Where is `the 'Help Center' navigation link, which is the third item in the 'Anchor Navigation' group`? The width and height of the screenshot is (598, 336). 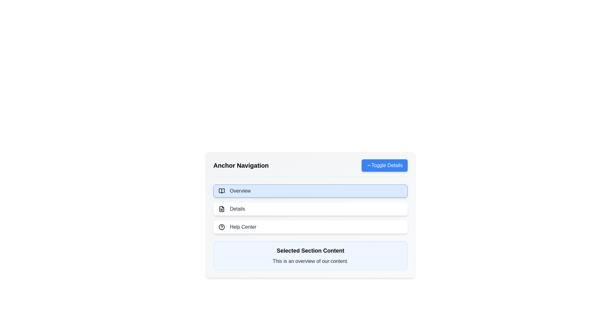 the 'Help Center' navigation link, which is the third item in the 'Anchor Navigation' group is located at coordinates (311, 227).